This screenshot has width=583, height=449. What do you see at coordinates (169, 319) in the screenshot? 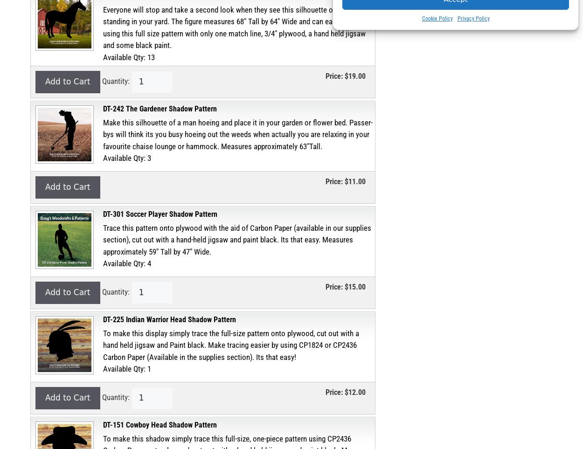
I see `'DT-225 Indian Warrior Head Shadow Pattern'` at bounding box center [169, 319].